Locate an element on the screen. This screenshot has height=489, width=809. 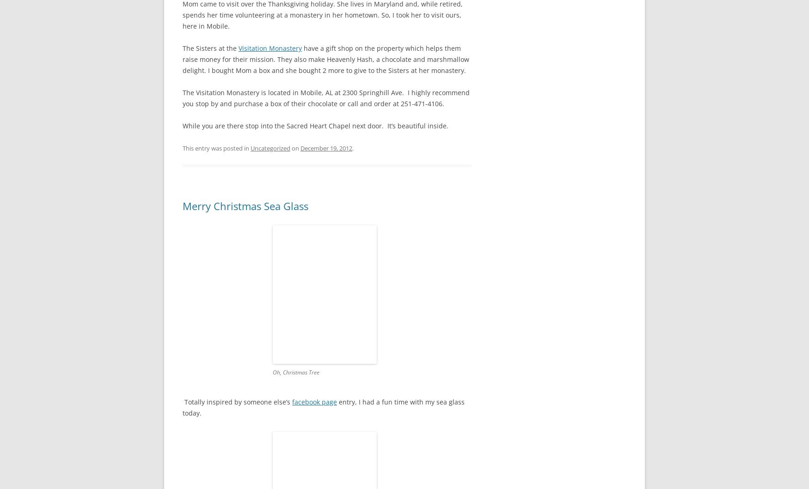
'on' is located at coordinates (294, 147).